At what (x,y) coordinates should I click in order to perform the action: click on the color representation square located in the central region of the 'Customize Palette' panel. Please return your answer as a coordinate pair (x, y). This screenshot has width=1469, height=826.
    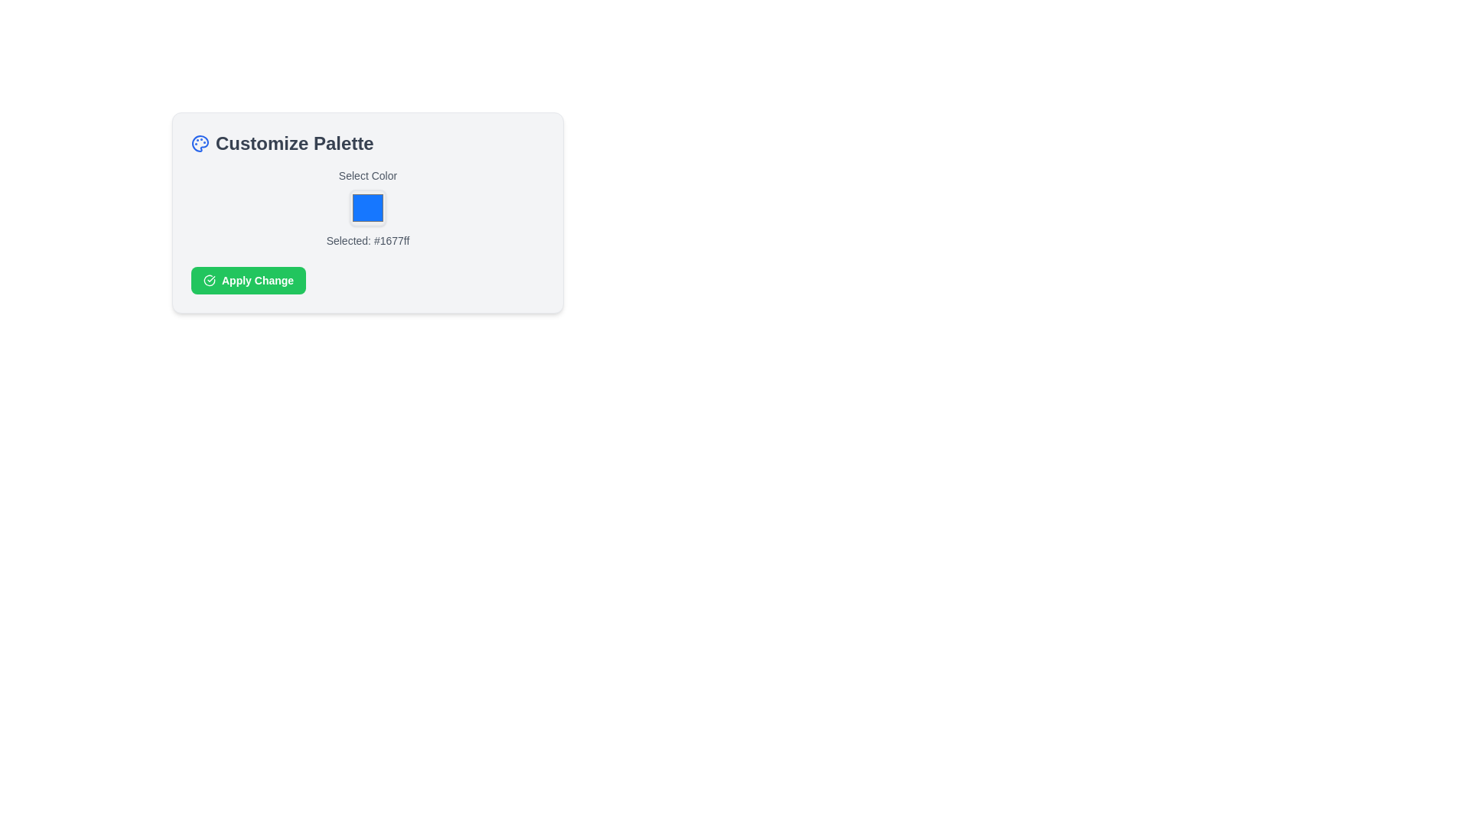
    Looking at the image, I should click on (367, 208).